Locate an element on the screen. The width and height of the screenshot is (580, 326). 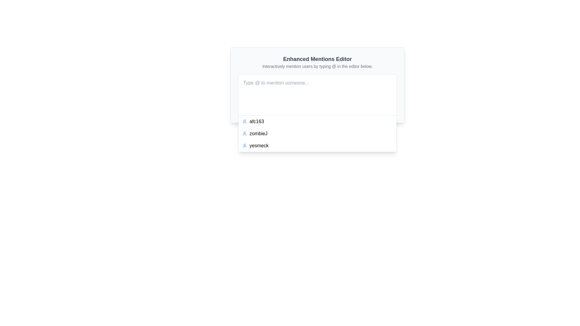
the third selectable list item in the dropdown menu that references the user 'yesmeck' is located at coordinates (317, 145).